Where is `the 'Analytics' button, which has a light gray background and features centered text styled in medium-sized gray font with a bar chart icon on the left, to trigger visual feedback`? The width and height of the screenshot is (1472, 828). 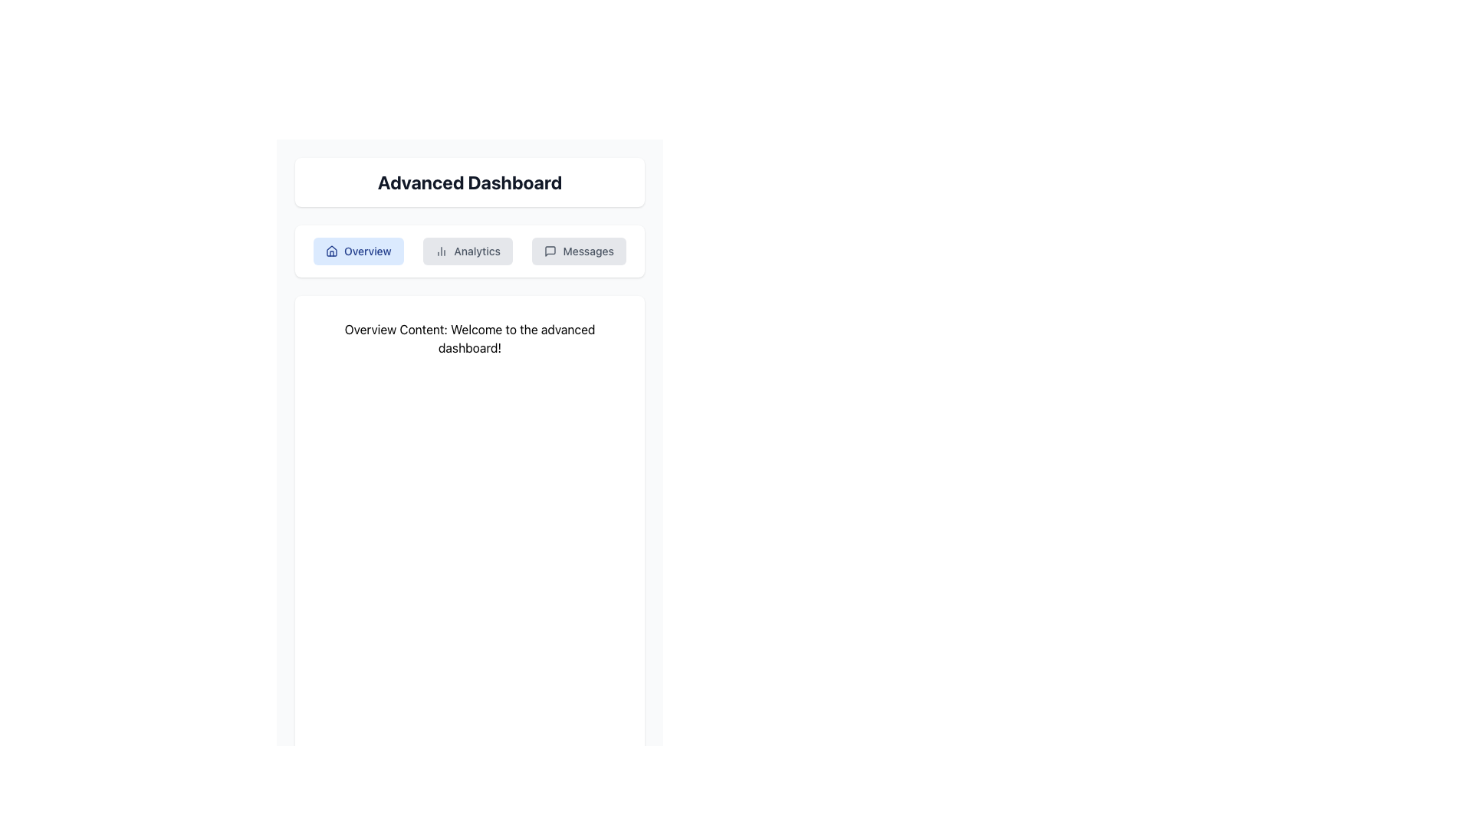
the 'Analytics' button, which has a light gray background and features centered text styled in medium-sized gray font with a bar chart icon on the left, to trigger visual feedback is located at coordinates (469, 250).